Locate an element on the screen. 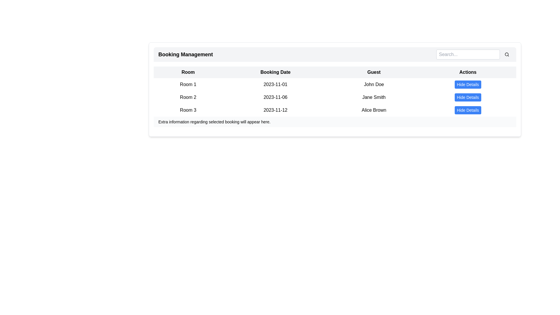 The image size is (560, 315). the 'Booking Date' text display showing '2023-11-06' for 'Room 2' in the 'Booking Management' table is located at coordinates (275, 97).